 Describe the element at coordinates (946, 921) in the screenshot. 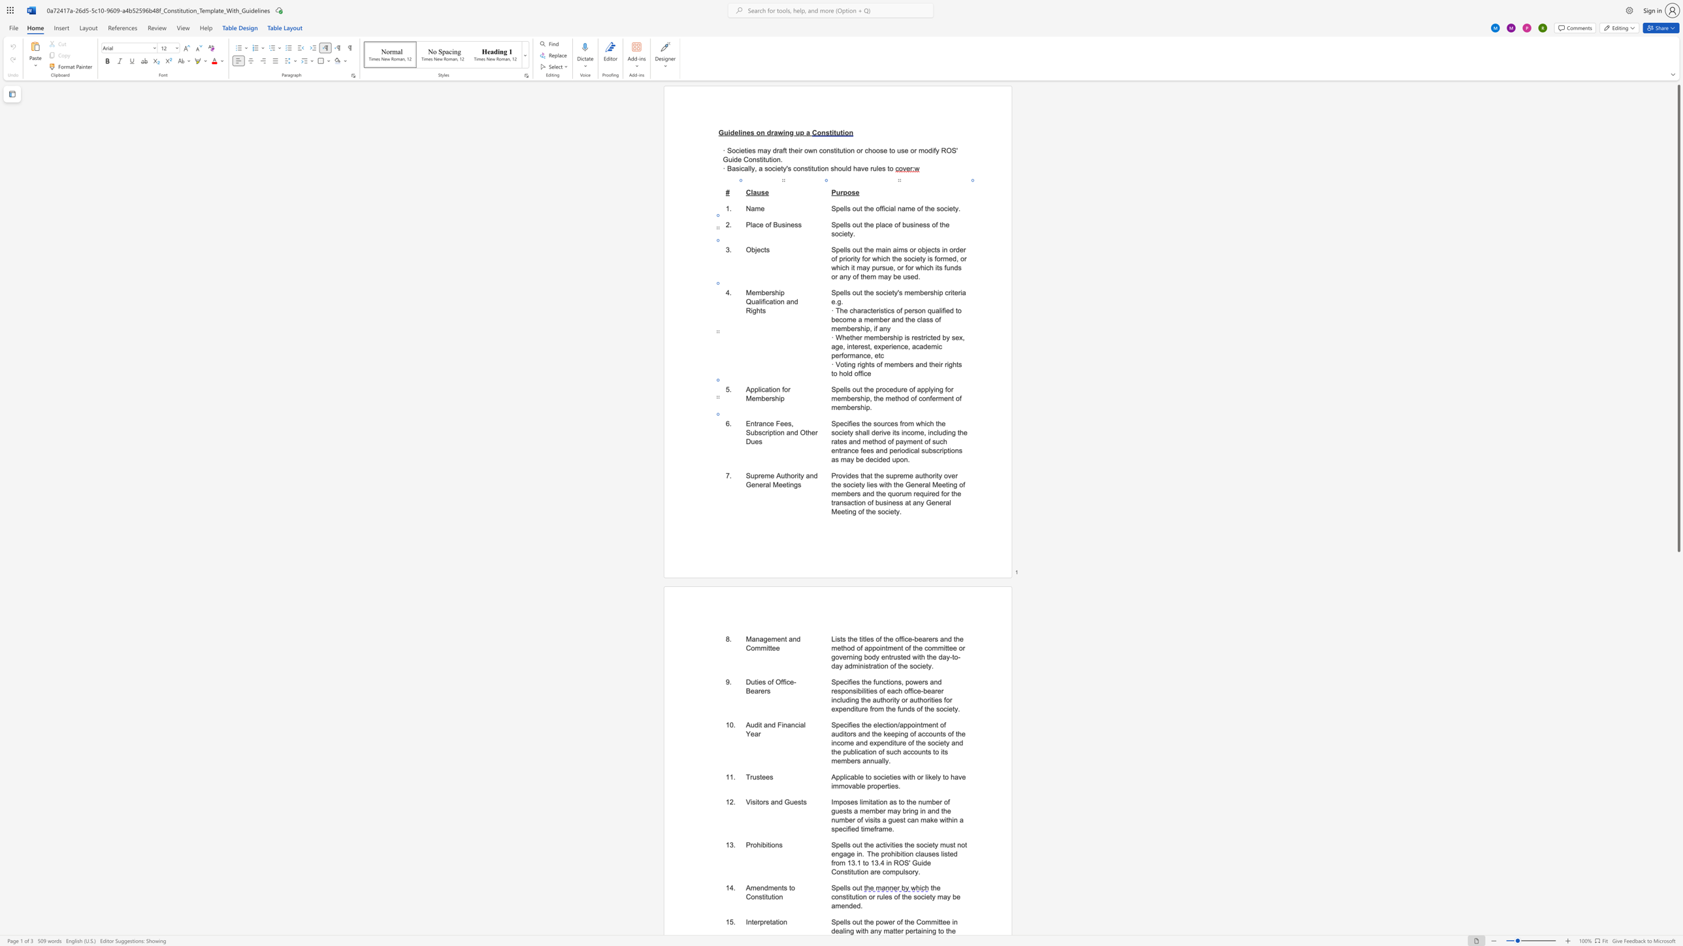

I see `the space between the continuous character "e" and "e" in the text` at that location.